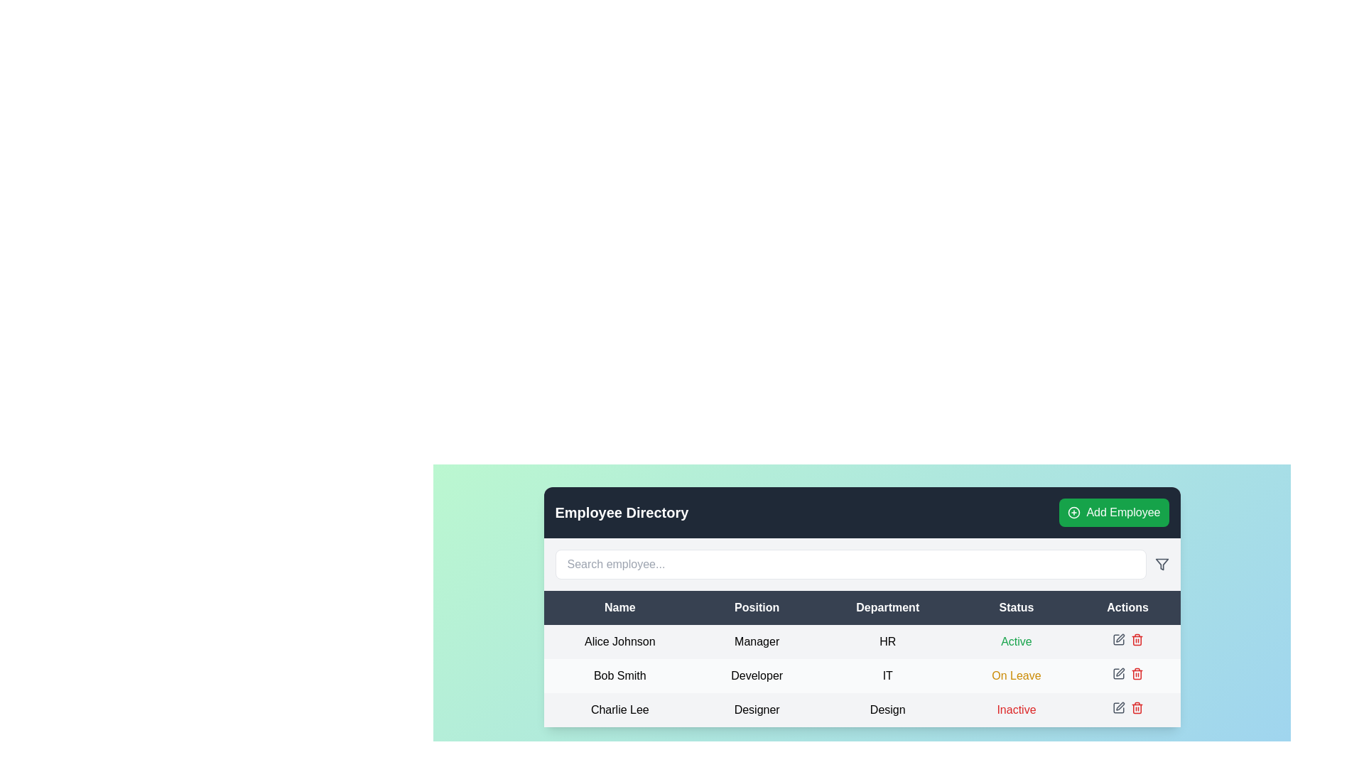  What do you see at coordinates (1162, 563) in the screenshot?
I see `the filter icon, which resembles a funnel and is located in the top right corner of the search bar in the 'Employee Directory' interface` at bounding box center [1162, 563].